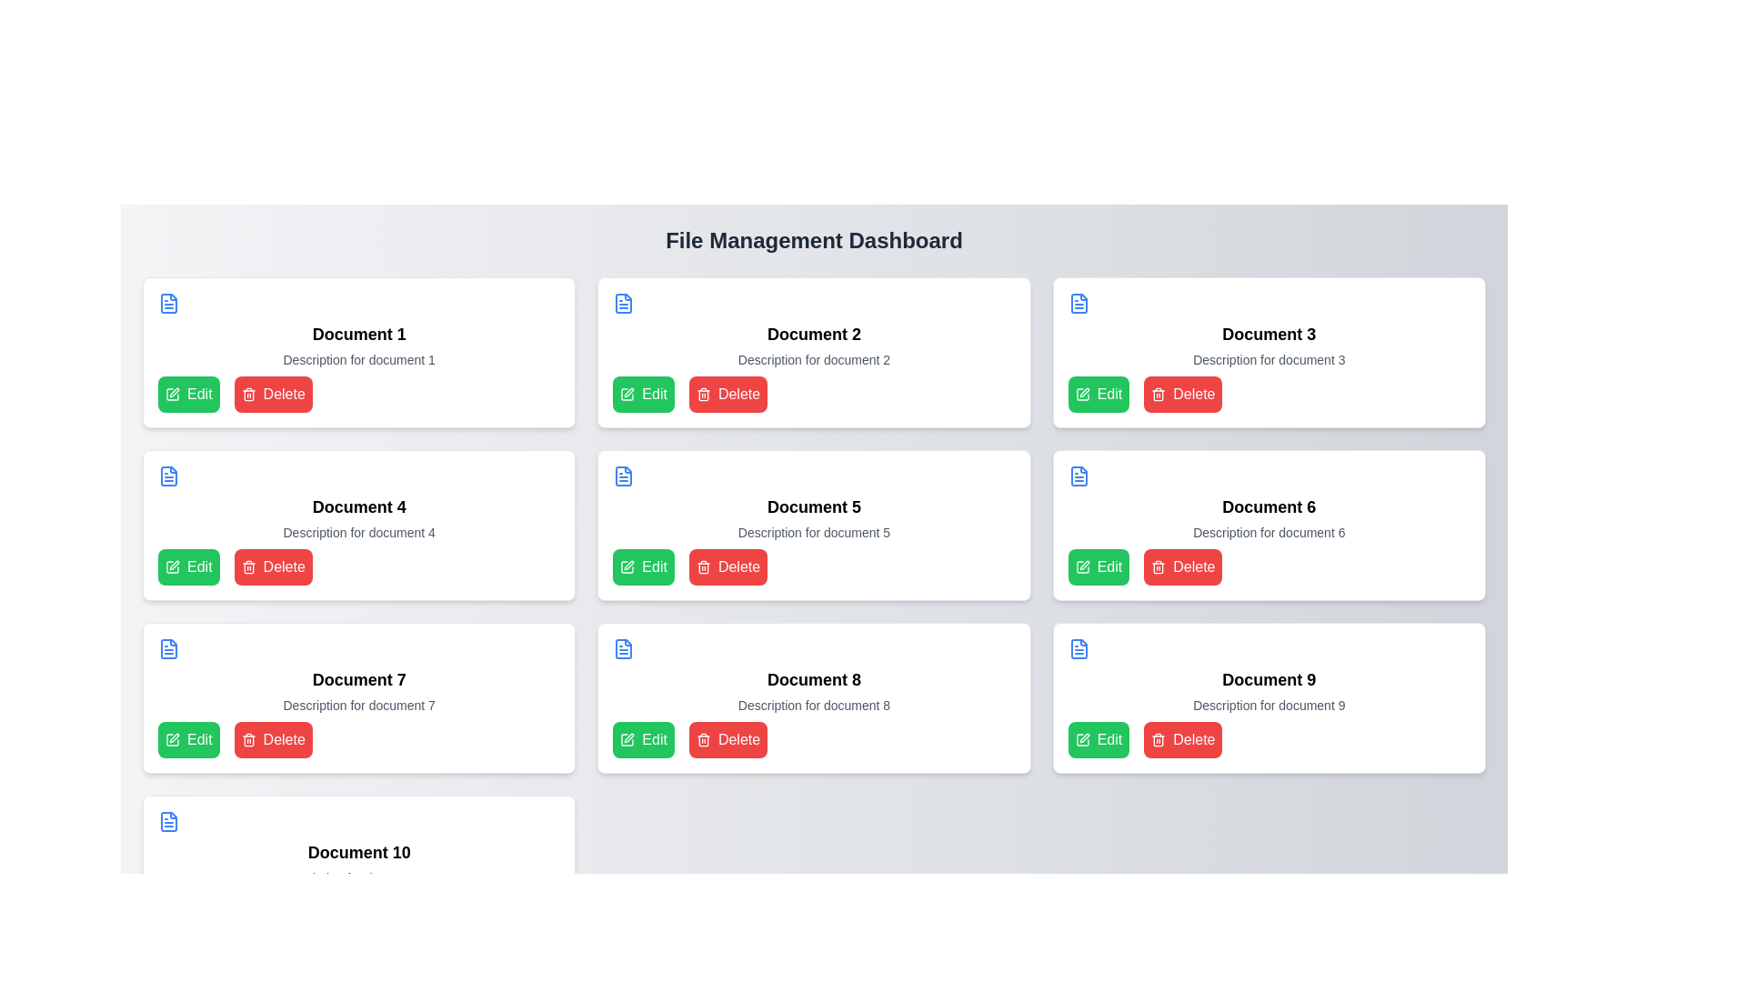 This screenshot has height=982, width=1746. Describe the element at coordinates (1183, 739) in the screenshot. I see `the delete button located in the bottom-right corner of the 'Document 9' card` at that location.